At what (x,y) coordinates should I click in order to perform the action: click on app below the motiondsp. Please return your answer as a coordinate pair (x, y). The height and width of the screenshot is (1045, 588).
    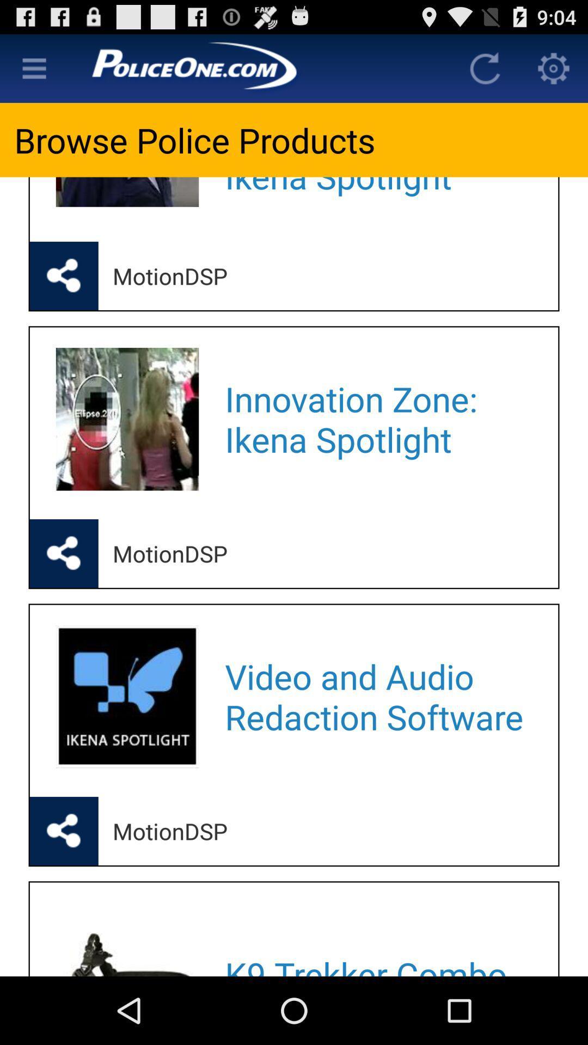
    Looking at the image, I should click on (377, 419).